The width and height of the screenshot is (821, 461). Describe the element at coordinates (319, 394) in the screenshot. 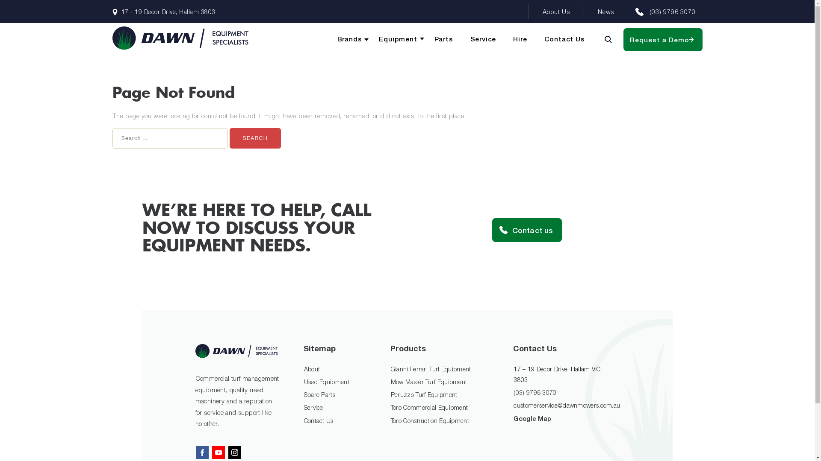

I see `'Spare Parts'` at that location.